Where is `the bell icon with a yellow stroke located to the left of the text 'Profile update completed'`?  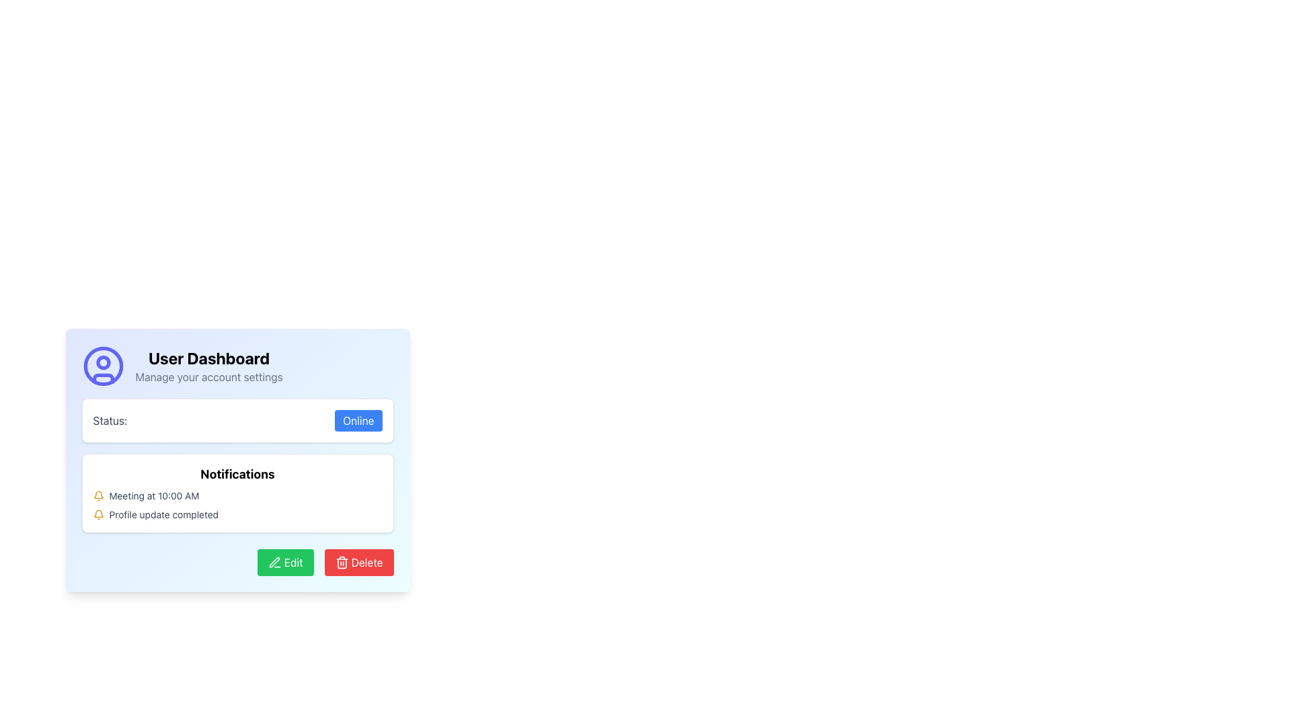
the bell icon with a yellow stroke located to the left of the text 'Profile update completed' is located at coordinates (97, 514).